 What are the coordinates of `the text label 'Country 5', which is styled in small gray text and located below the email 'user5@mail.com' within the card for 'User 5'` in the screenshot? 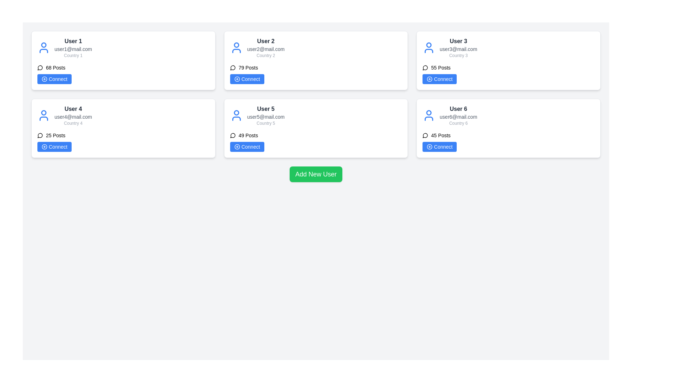 It's located at (265, 123).